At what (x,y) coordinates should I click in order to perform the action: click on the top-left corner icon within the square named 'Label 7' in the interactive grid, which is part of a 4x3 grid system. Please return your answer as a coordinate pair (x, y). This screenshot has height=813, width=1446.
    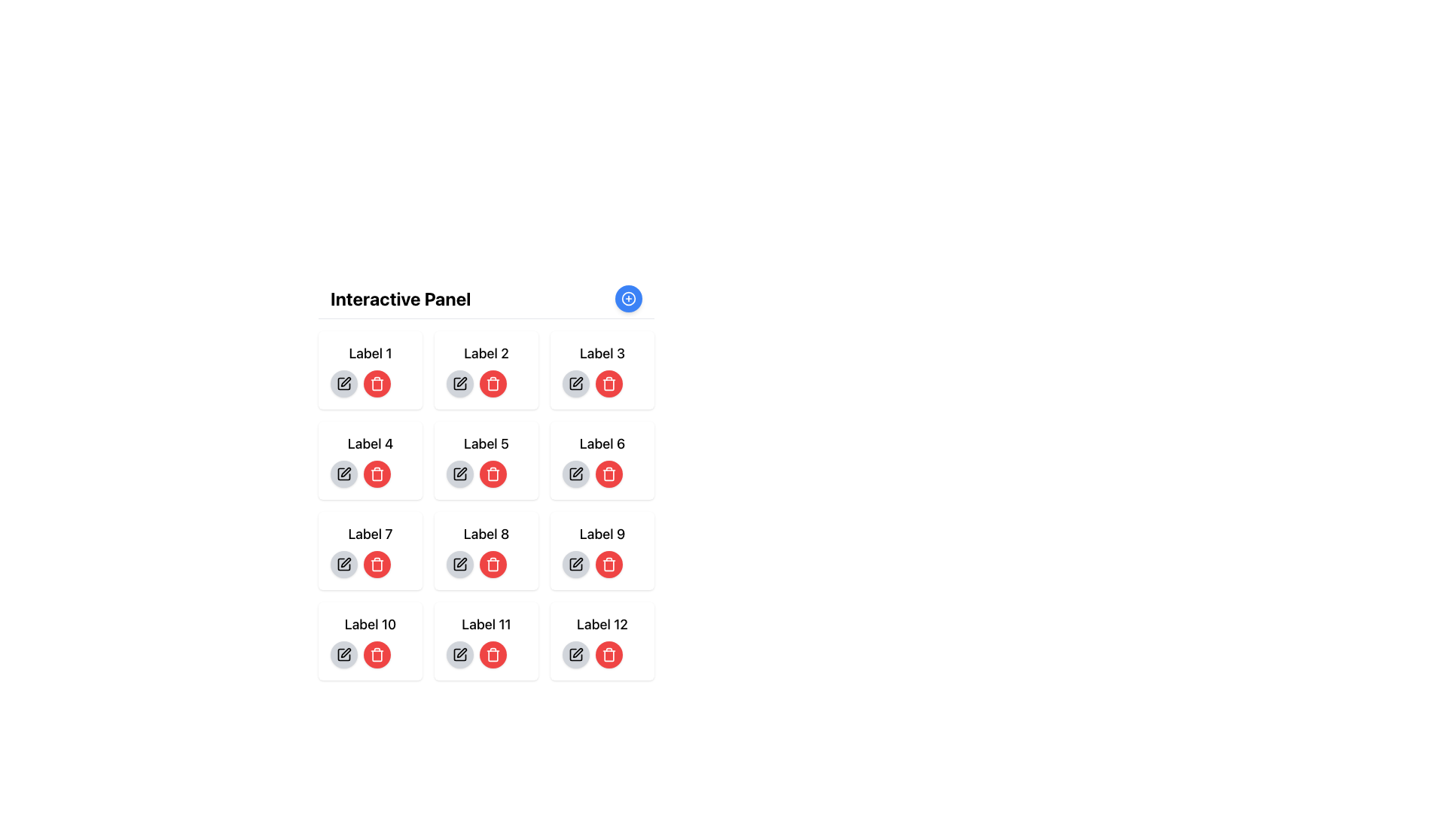
    Looking at the image, I should click on (343, 564).